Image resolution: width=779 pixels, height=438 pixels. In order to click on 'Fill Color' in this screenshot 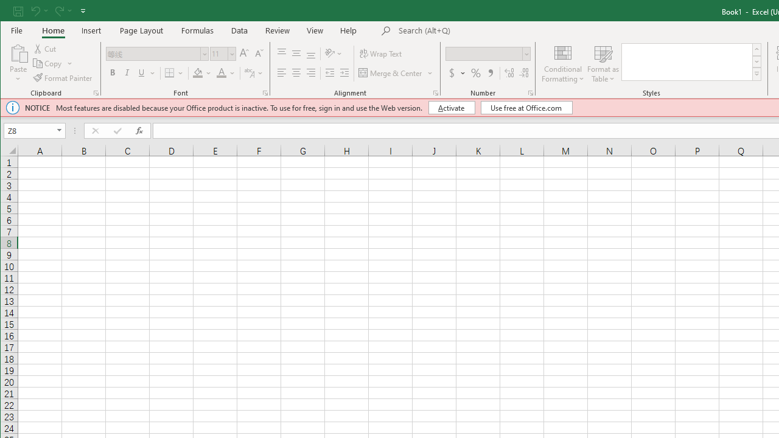, I will do `click(197, 73)`.